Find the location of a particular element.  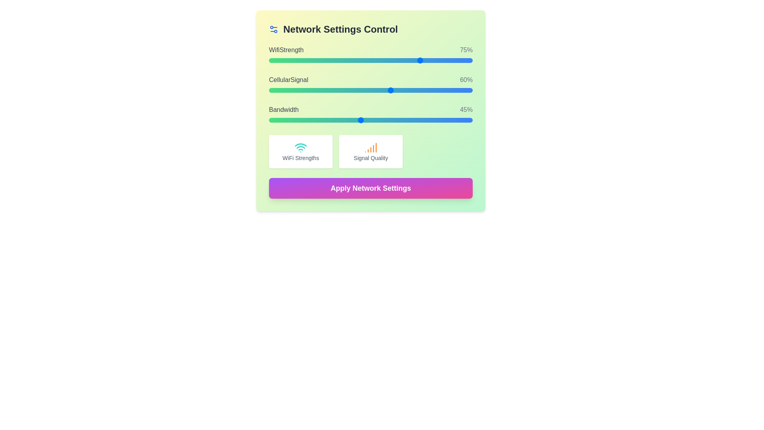

the WiFi strength is located at coordinates (281, 60).